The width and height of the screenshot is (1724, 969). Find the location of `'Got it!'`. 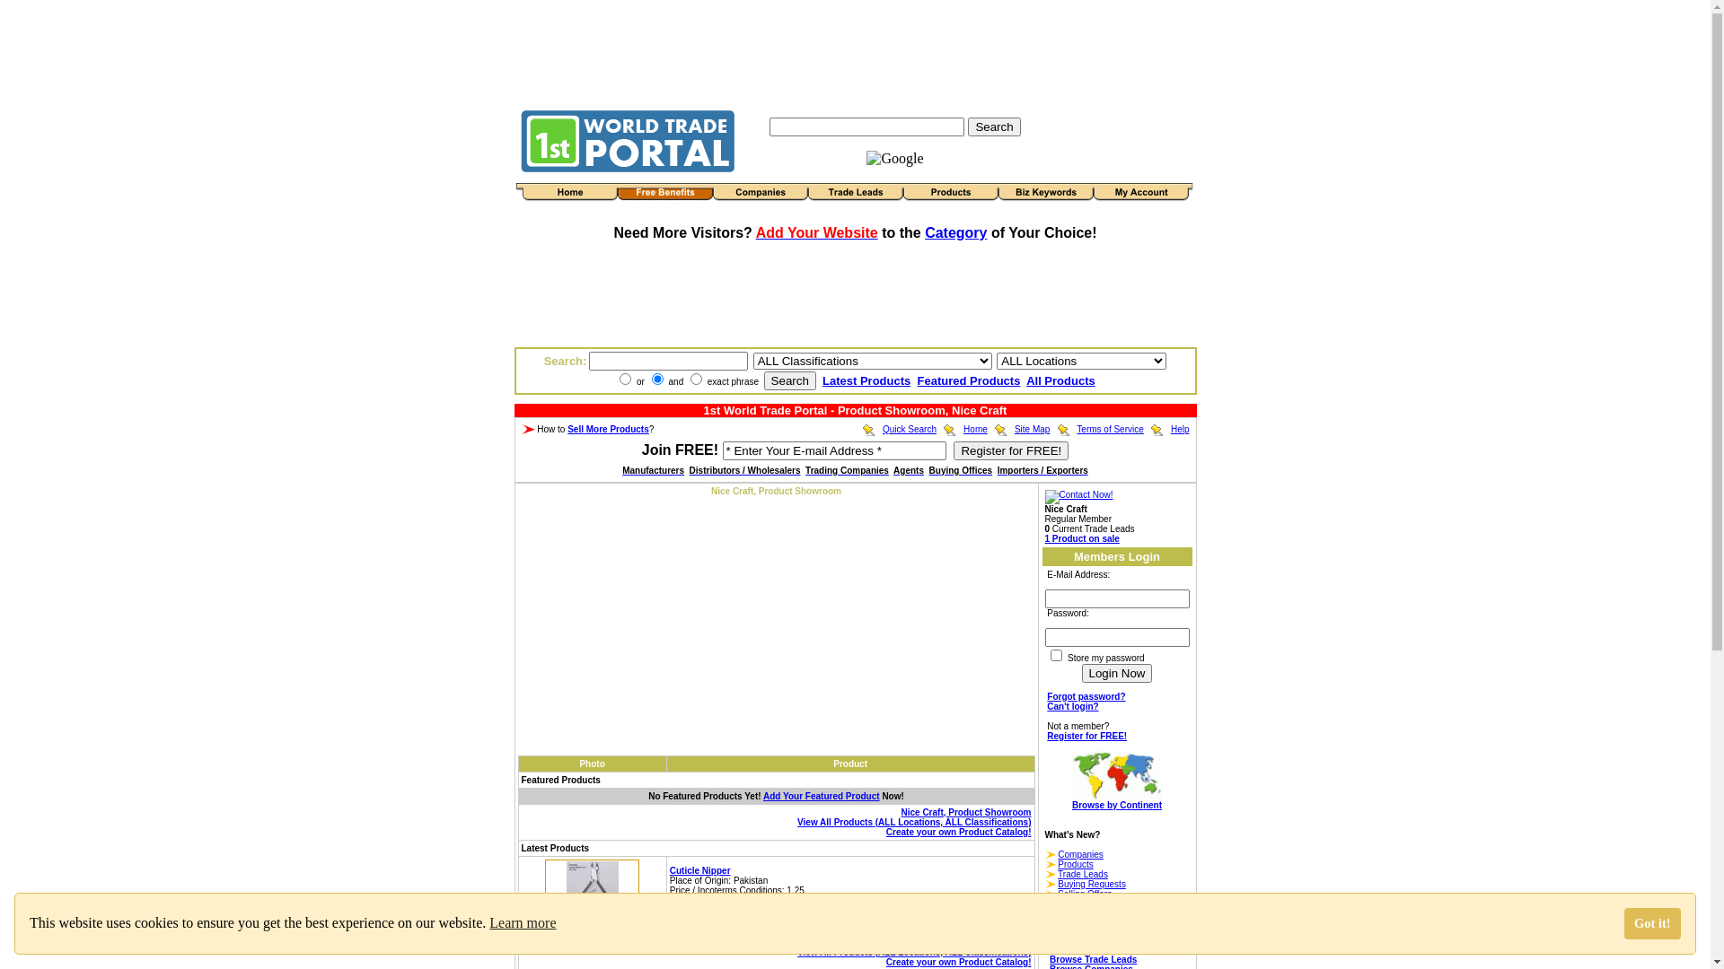

'Got it!' is located at coordinates (1652, 923).